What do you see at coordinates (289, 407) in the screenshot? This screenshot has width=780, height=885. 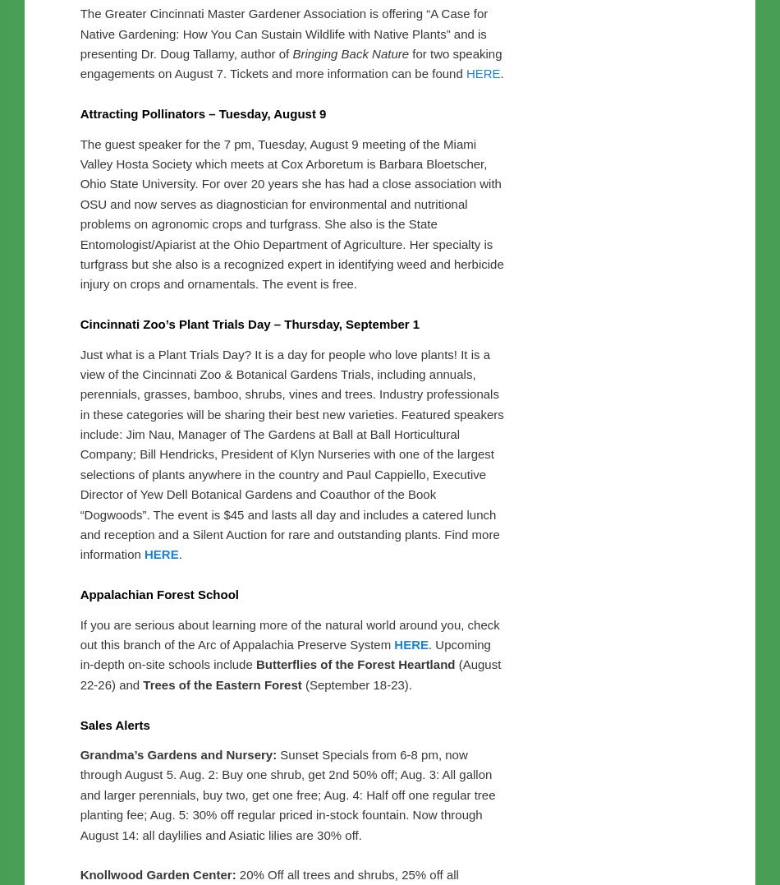 I see `'for two speaking engagements on August 7. Tickets and more information can be found'` at bounding box center [289, 407].